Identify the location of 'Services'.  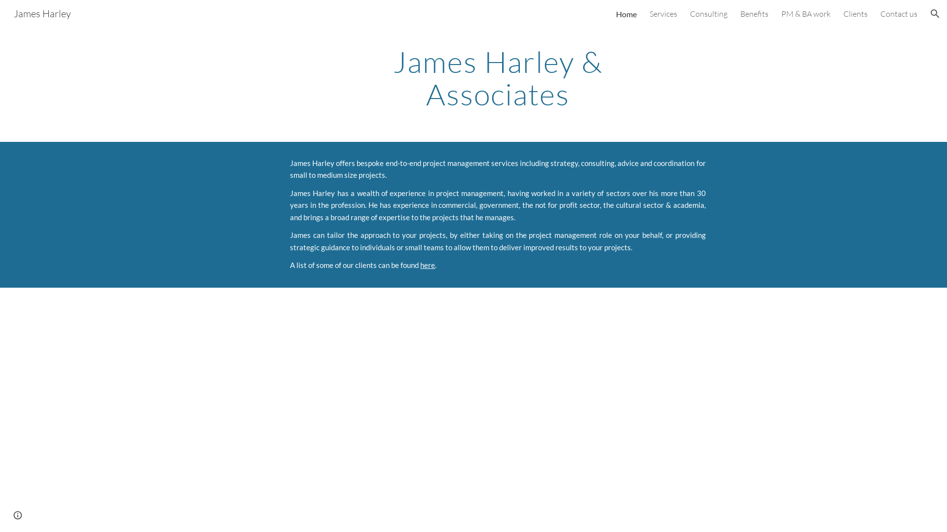
(663, 13).